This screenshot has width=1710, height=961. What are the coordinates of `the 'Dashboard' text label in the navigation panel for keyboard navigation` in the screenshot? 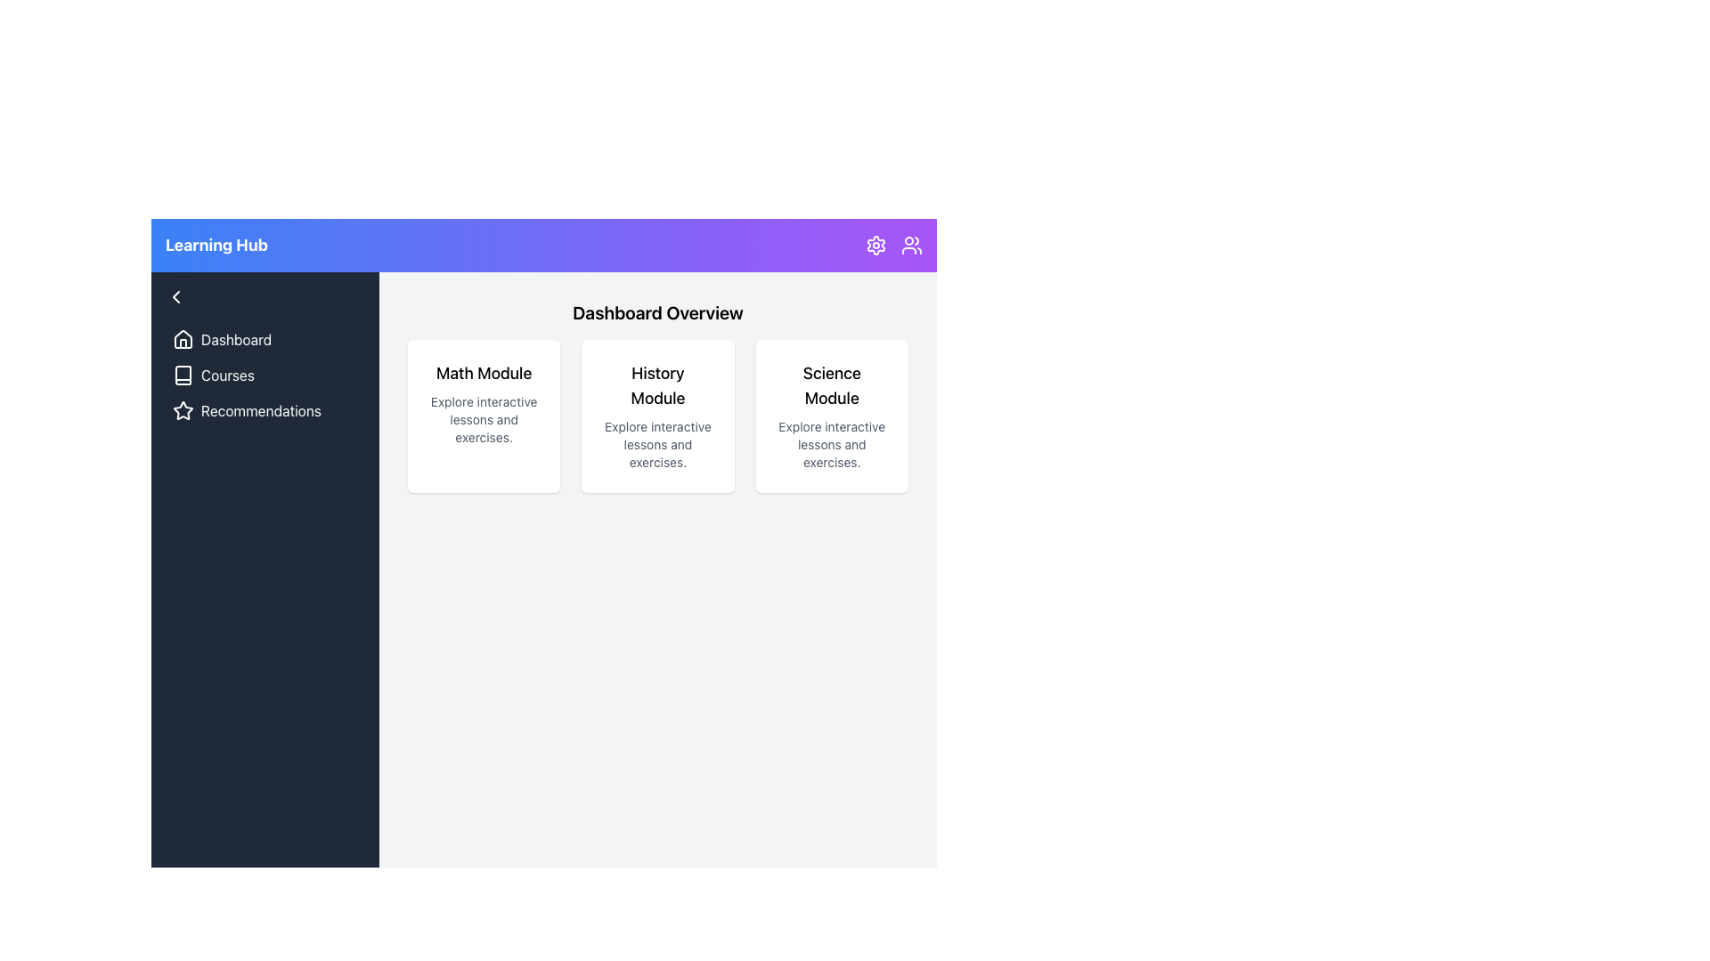 It's located at (235, 339).